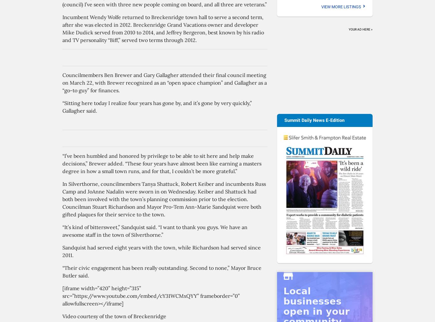 The width and height of the screenshot is (435, 322). Describe the element at coordinates (114, 316) in the screenshot. I see `'Video courtesy of the town of Breckenridge'` at that location.